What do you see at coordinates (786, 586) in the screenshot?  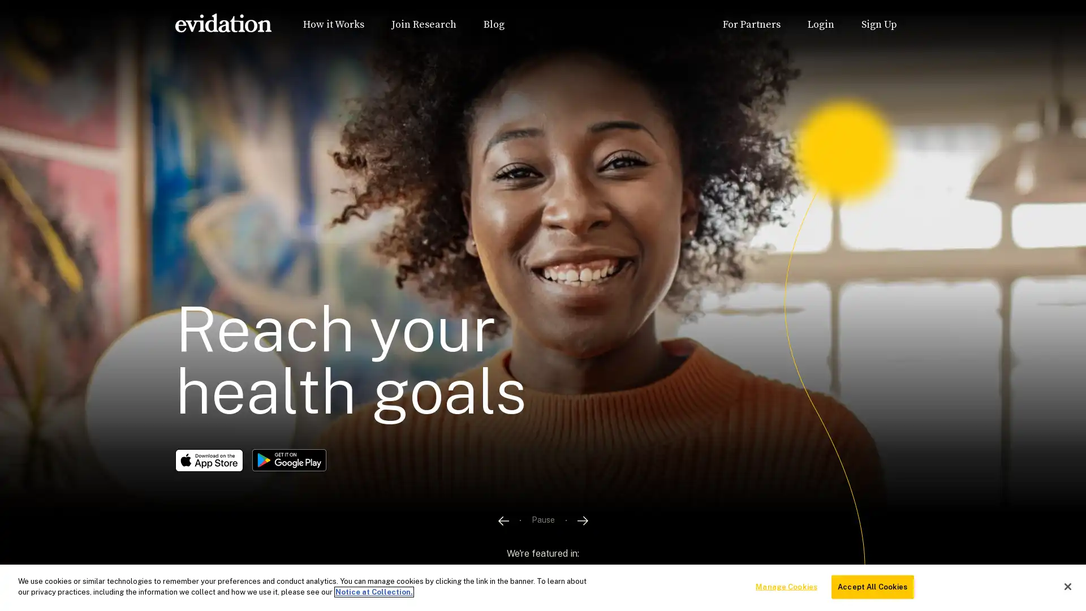 I see `Manage Cookies` at bounding box center [786, 586].